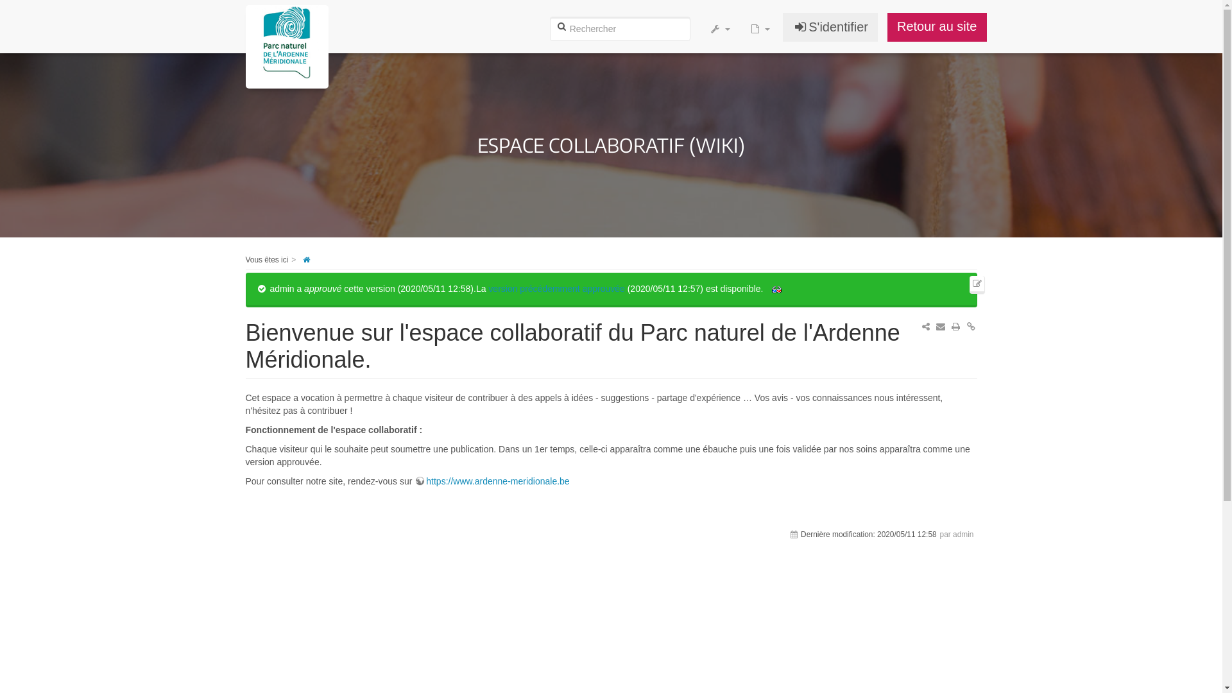 Image resolution: width=1232 pixels, height=693 pixels. I want to click on 'Partager sur ...', so click(926, 326).